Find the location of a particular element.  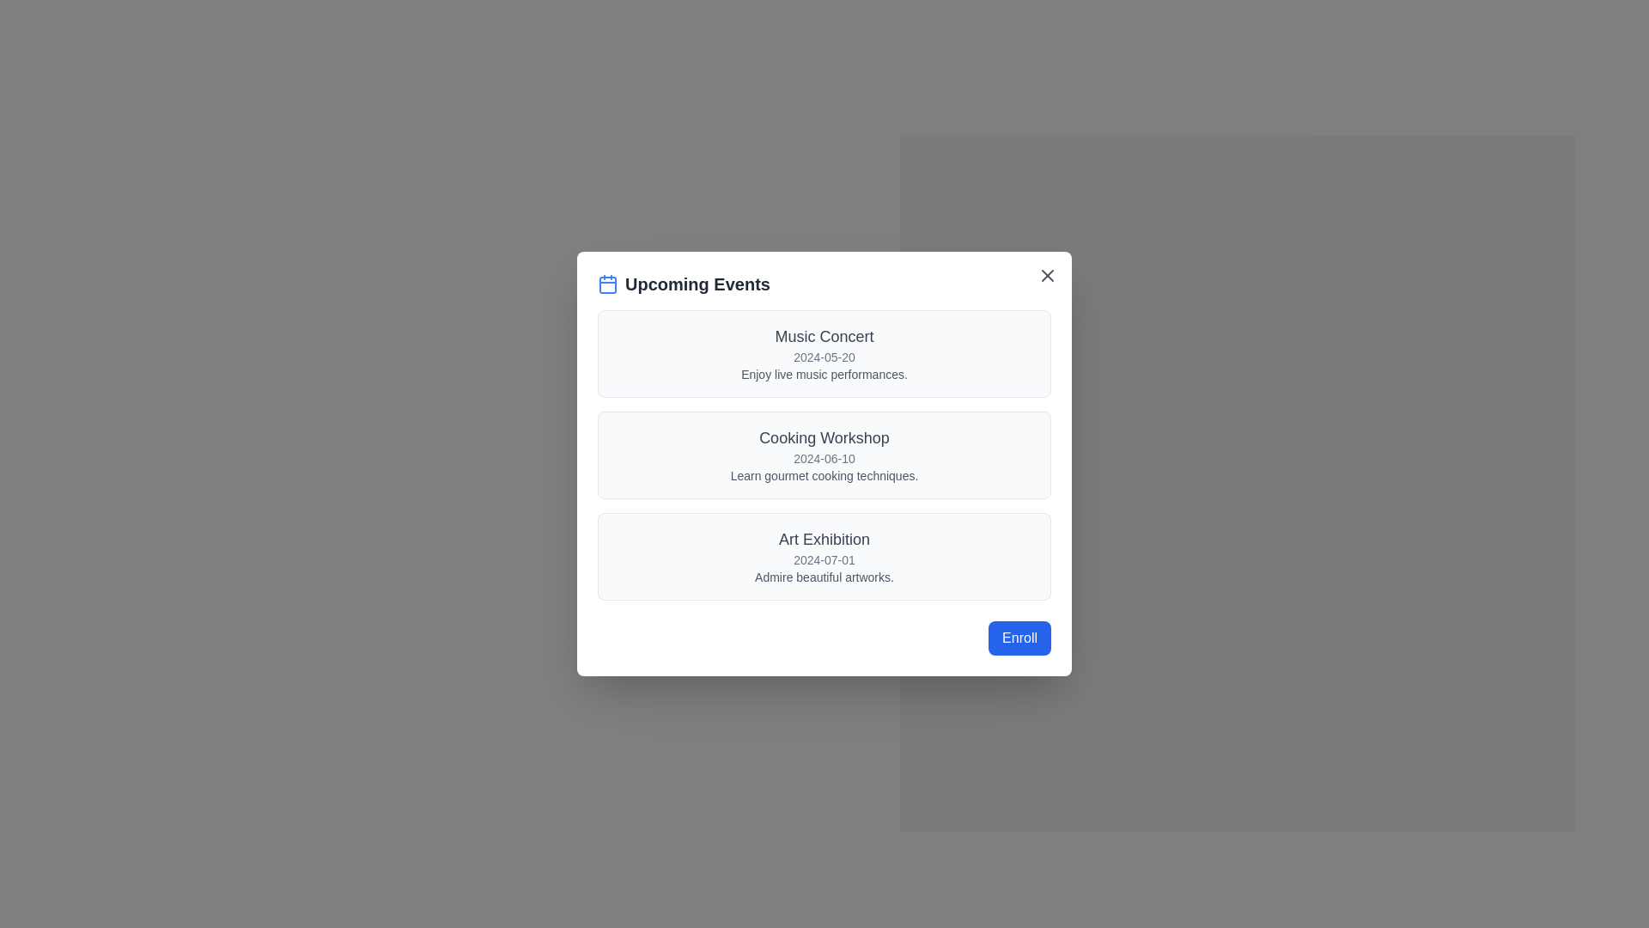

the Text label that serves as the title of an event, located in the second panel of the event list within a centered modal is located at coordinates (824, 437).